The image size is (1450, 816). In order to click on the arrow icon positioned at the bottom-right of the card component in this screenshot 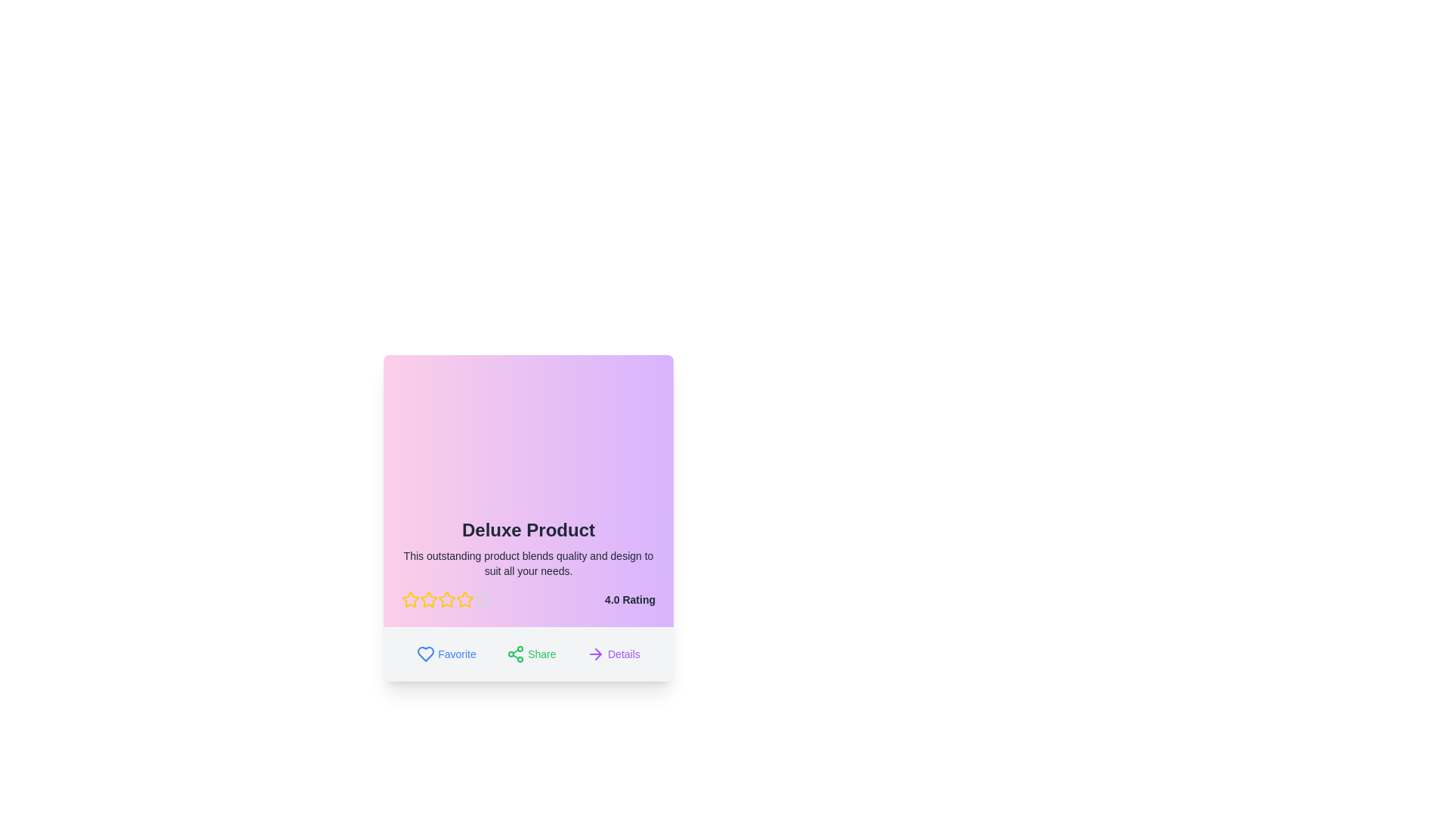, I will do `click(597, 654)`.